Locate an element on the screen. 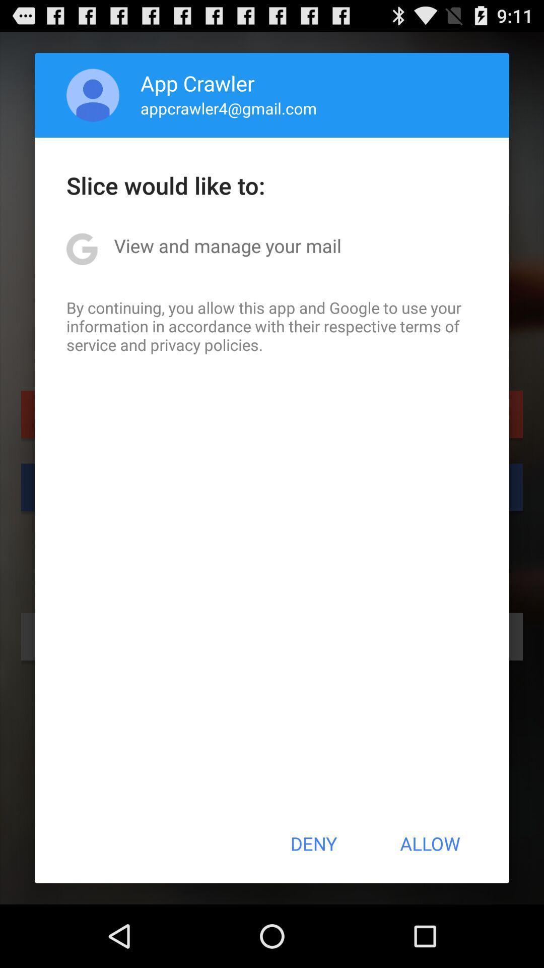  the app crawler item is located at coordinates (197, 83).